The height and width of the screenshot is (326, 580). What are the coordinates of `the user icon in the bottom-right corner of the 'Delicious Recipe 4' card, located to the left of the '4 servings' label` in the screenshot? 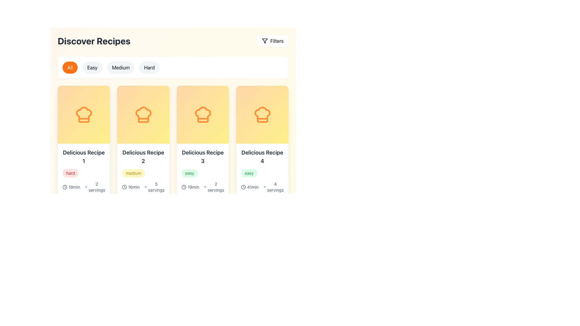 It's located at (205, 321).